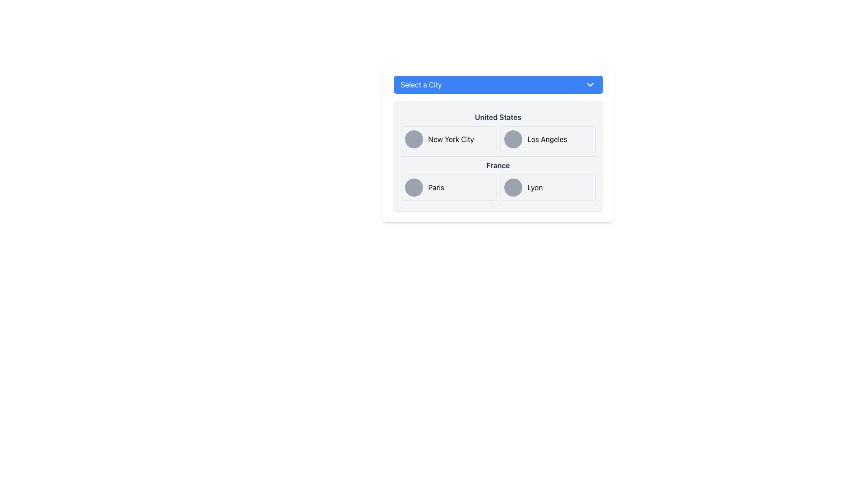  Describe the element at coordinates (535, 187) in the screenshot. I see `the city 'Lyon'` at that location.